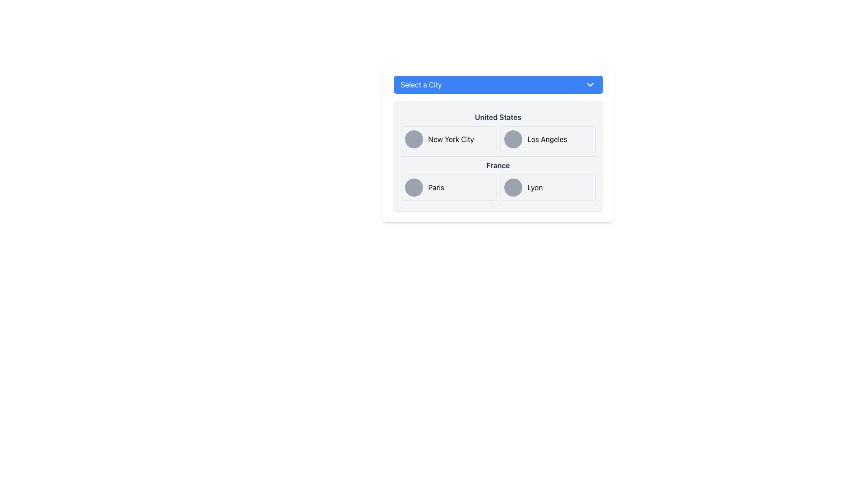  Describe the element at coordinates (535, 187) in the screenshot. I see `the city 'Lyon'` at that location.